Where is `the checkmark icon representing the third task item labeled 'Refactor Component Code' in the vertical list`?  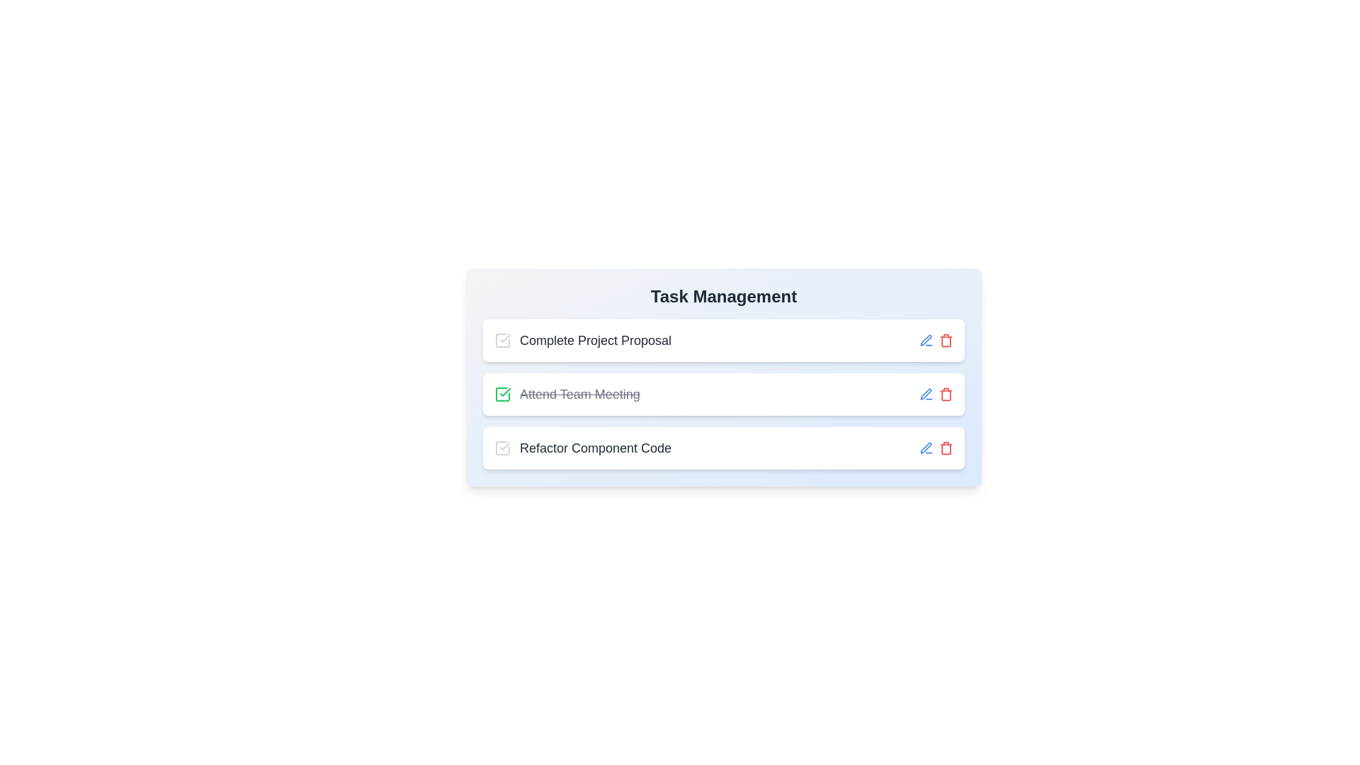 the checkmark icon representing the third task item labeled 'Refactor Component Code' in the vertical list is located at coordinates (505, 445).